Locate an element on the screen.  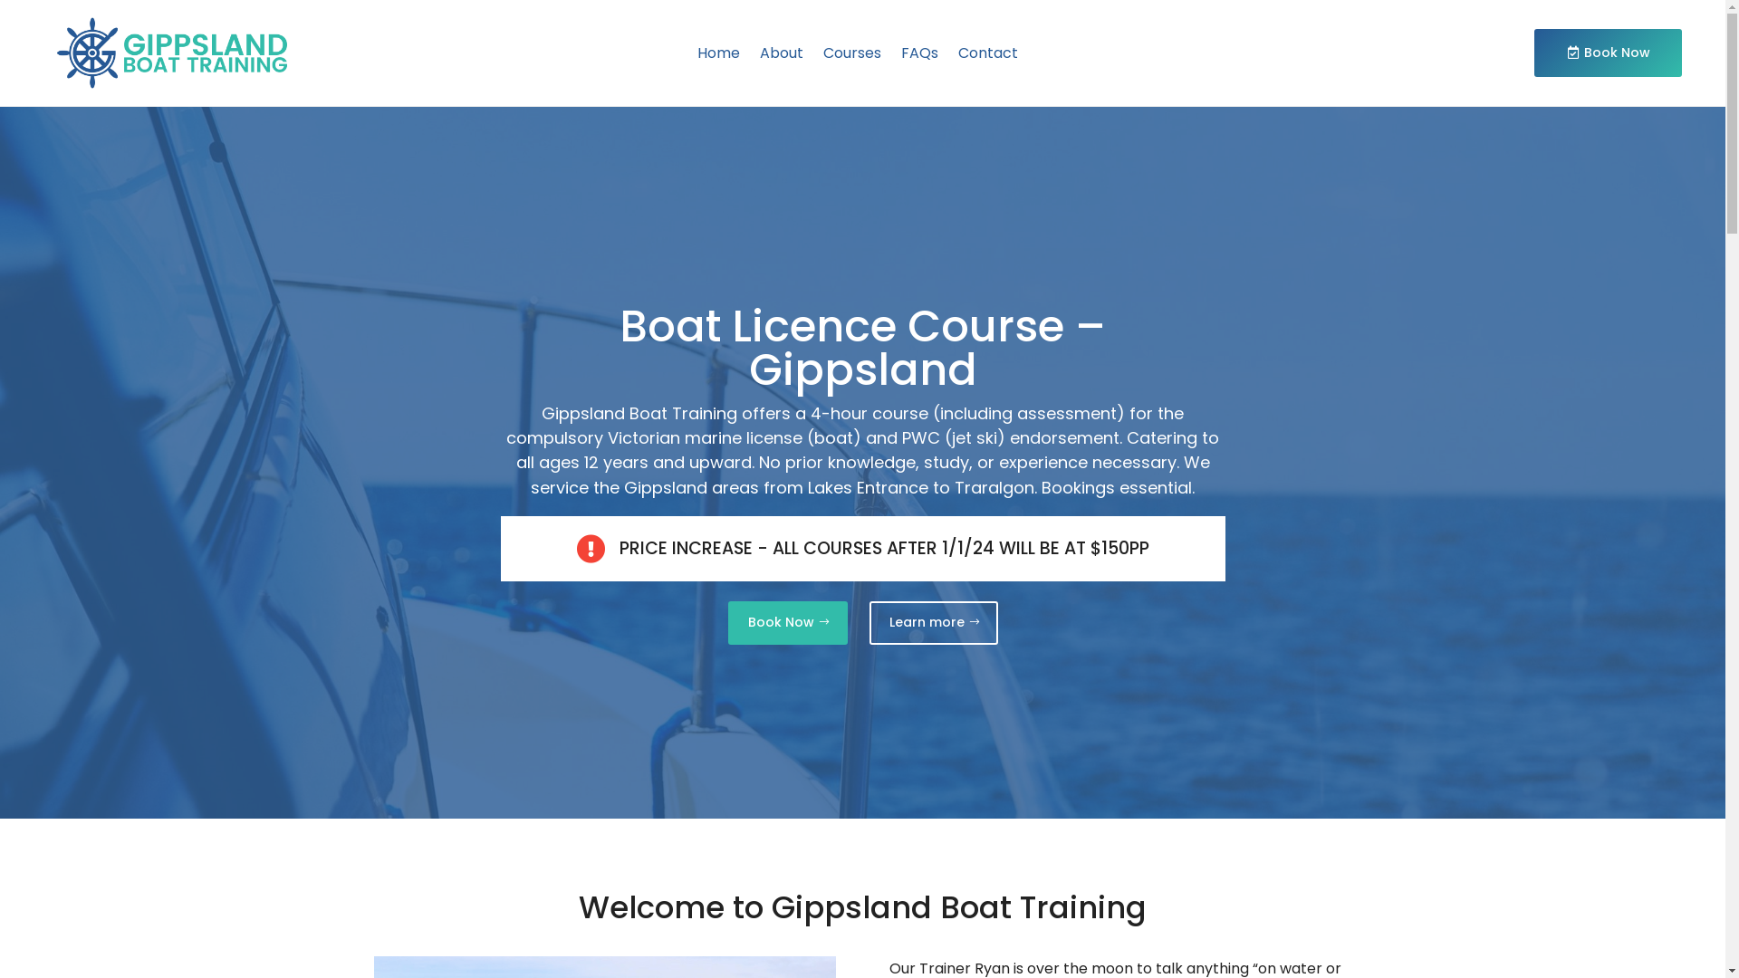
'Contact' is located at coordinates (986, 52).